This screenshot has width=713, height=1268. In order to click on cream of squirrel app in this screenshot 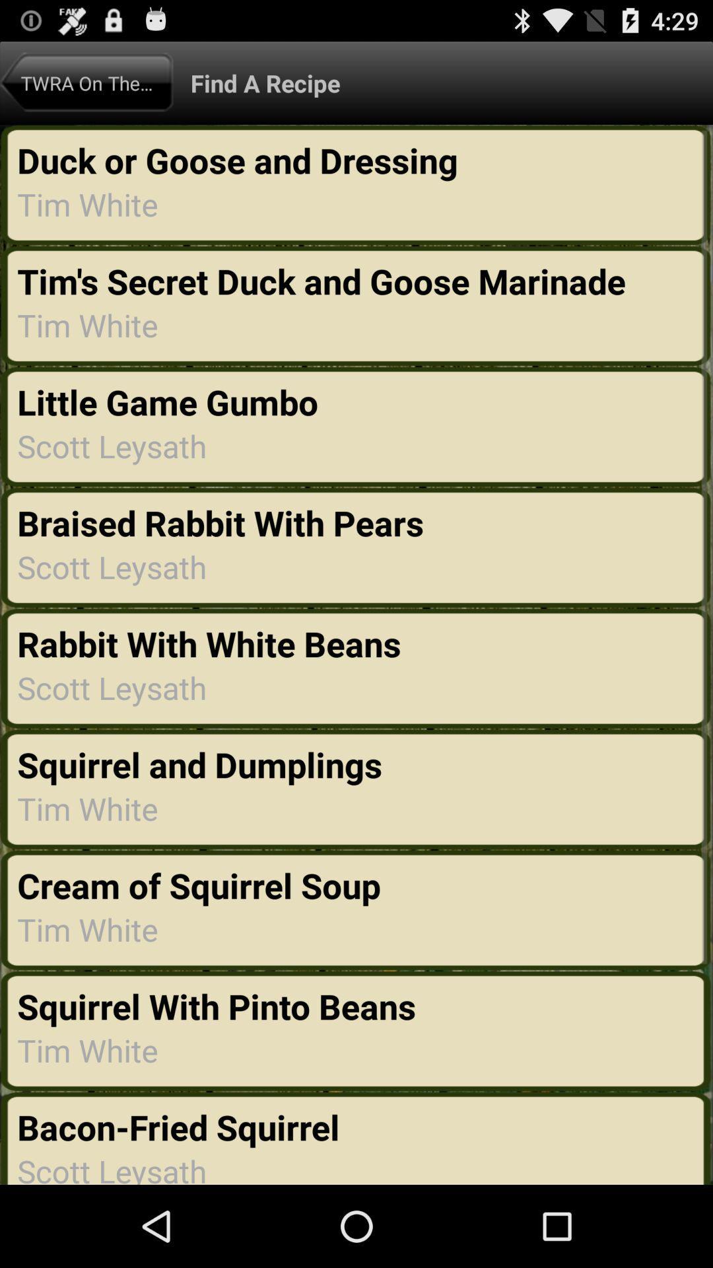, I will do `click(203, 885)`.